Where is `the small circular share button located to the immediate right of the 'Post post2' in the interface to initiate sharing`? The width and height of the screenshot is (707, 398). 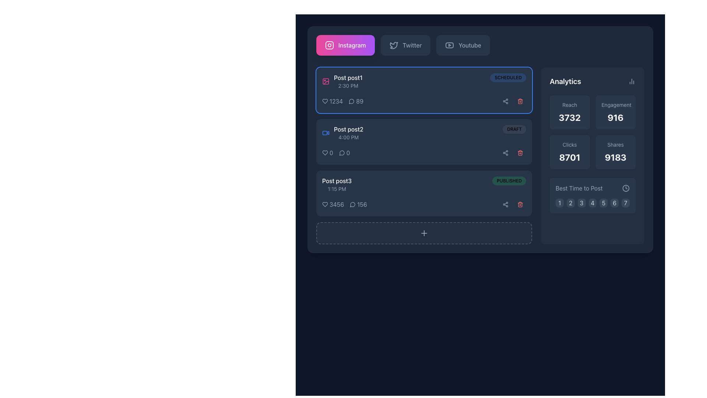
the small circular share button located to the immediate right of the 'Post post2' in the interface to initiate sharing is located at coordinates (505, 153).